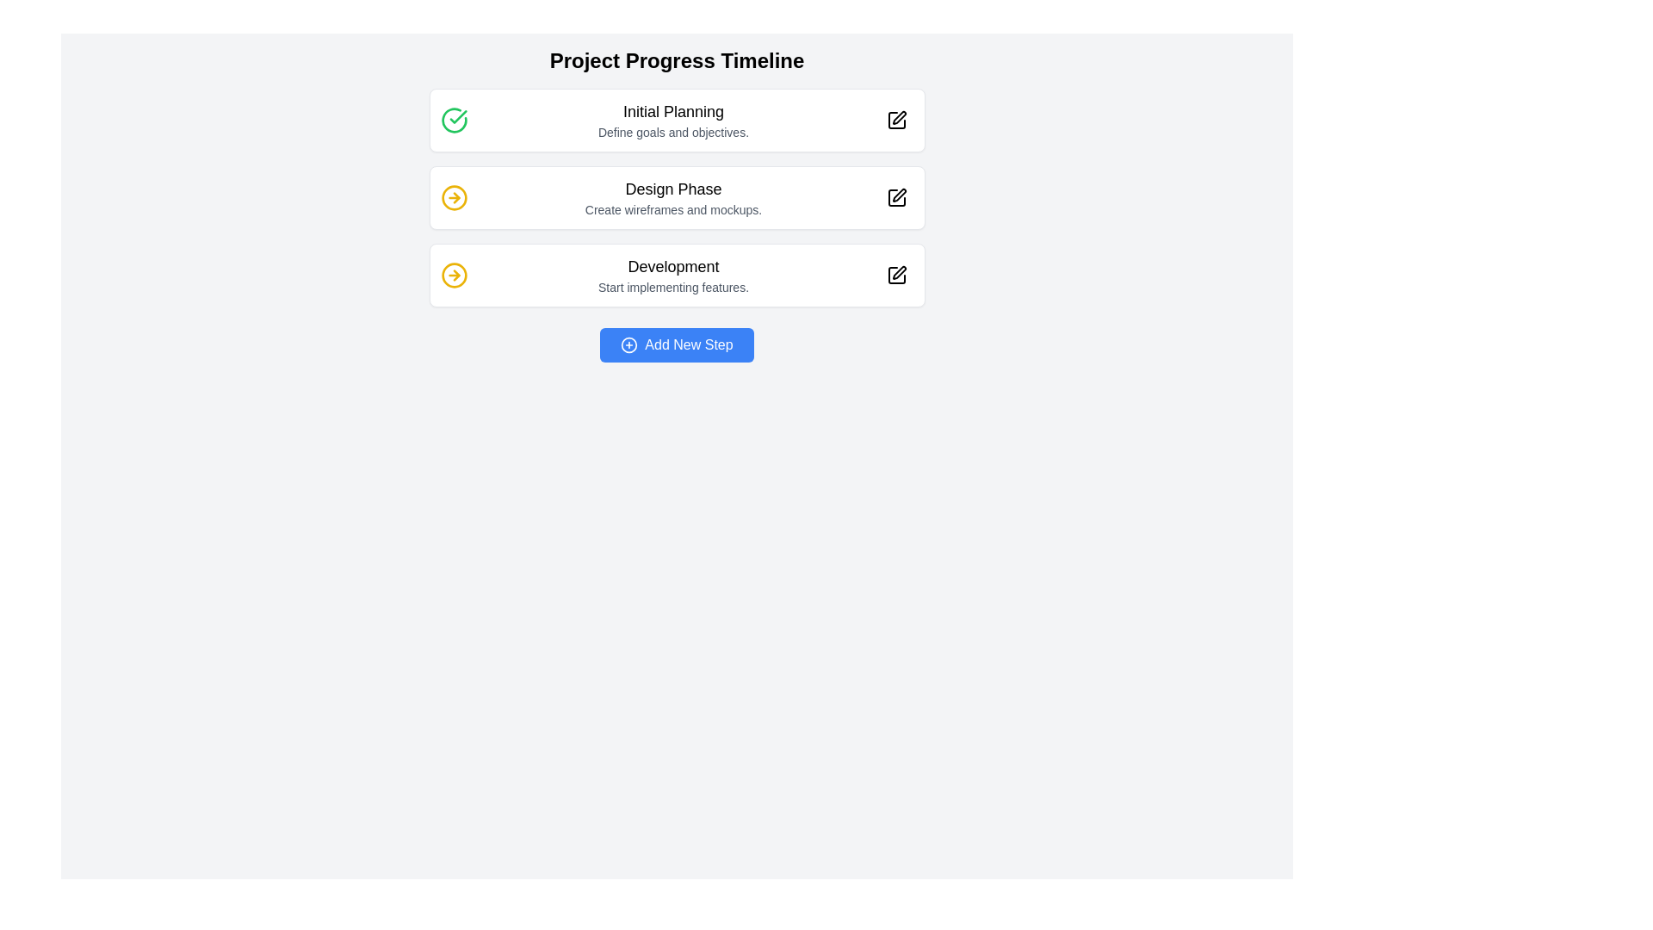 The height and width of the screenshot is (930, 1653). Describe the element at coordinates (898, 117) in the screenshot. I see `the pen icon located in the top-right section of the 'Initial Planning' card to initiate editing` at that location.